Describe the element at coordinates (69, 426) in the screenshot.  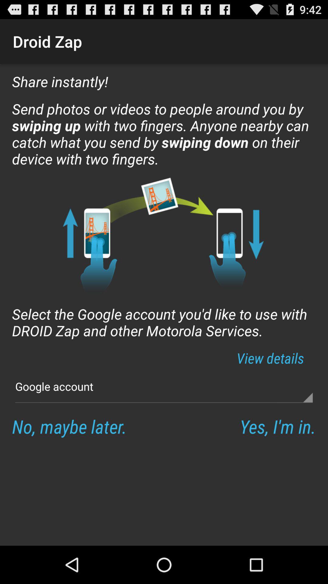
I see `the icon next to yes i m` at that location.